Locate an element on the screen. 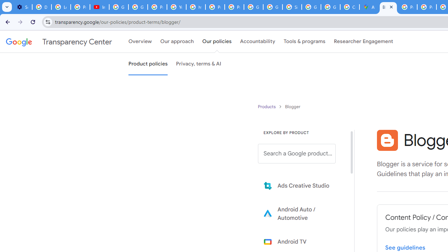 Image resolution: width=448 pixels, height=252 pixels. 'Learn more about Android Auto' is located at coordinates (302, 213).